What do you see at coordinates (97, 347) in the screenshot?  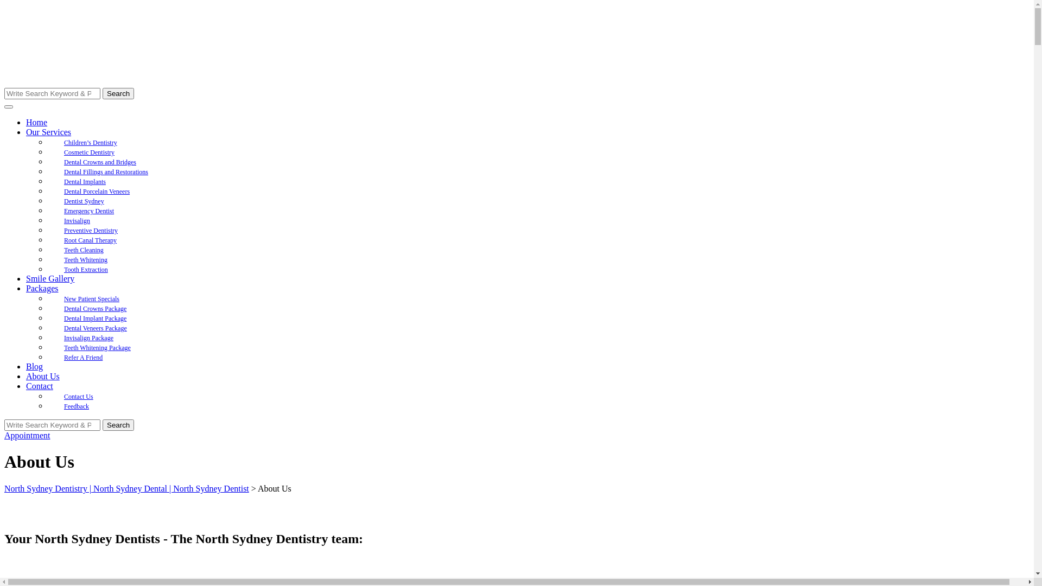 I see `'Teeth Whitening Package'` at bounding box center [97, 347].